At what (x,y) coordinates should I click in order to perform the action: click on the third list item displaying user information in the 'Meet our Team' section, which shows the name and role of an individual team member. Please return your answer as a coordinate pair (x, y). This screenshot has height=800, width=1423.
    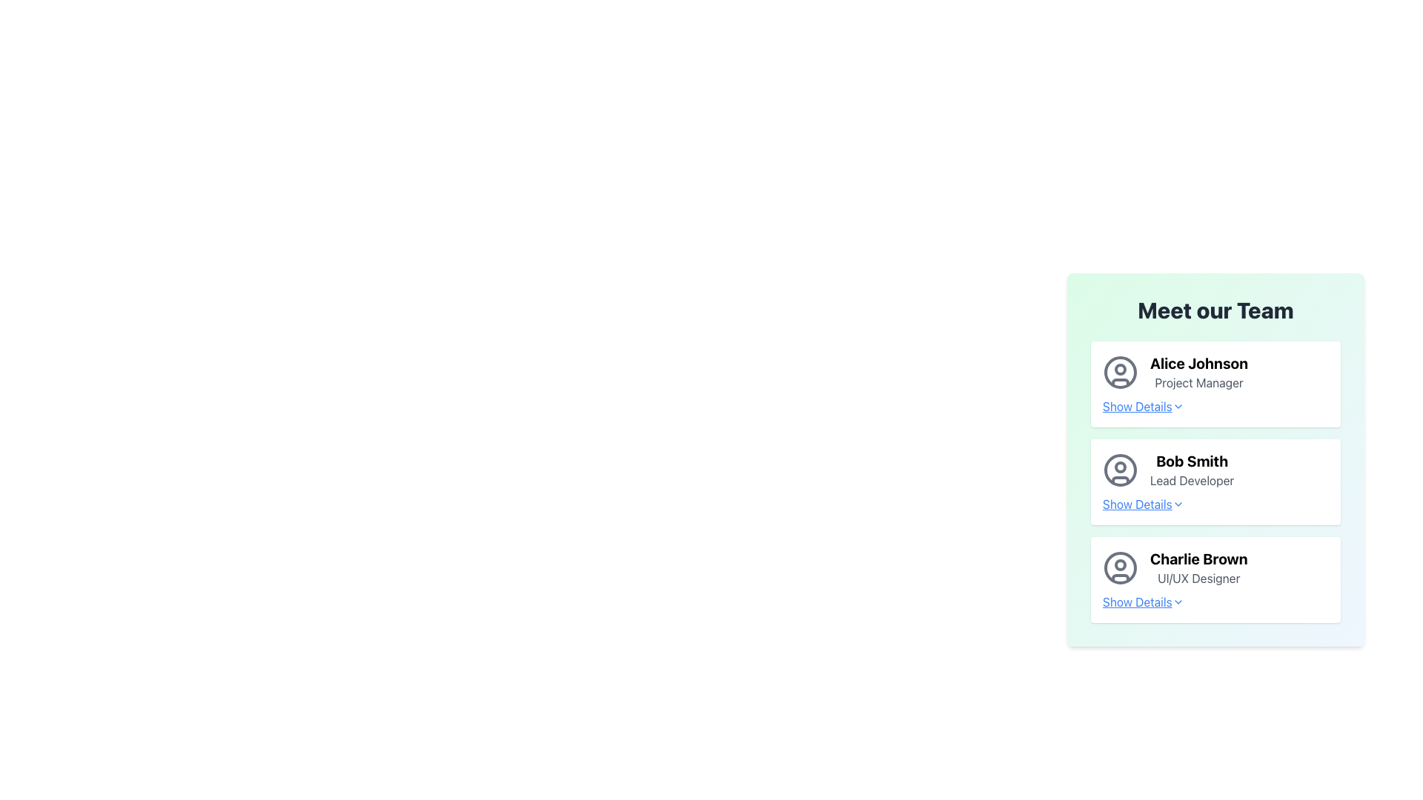
    Looking at the image, I should click on (1215, 567).